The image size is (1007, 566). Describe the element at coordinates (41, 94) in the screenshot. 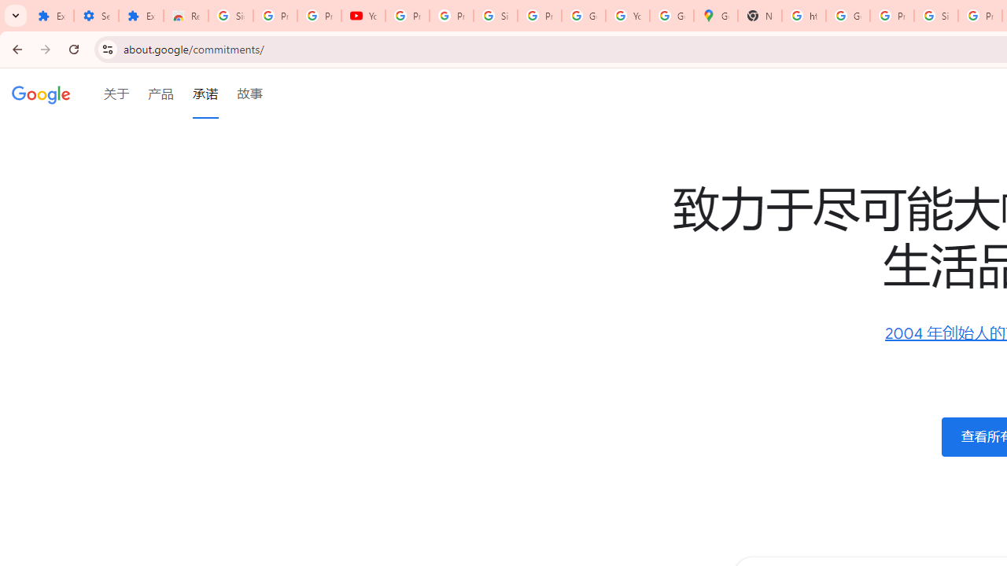

I see `'Google'` at that location.